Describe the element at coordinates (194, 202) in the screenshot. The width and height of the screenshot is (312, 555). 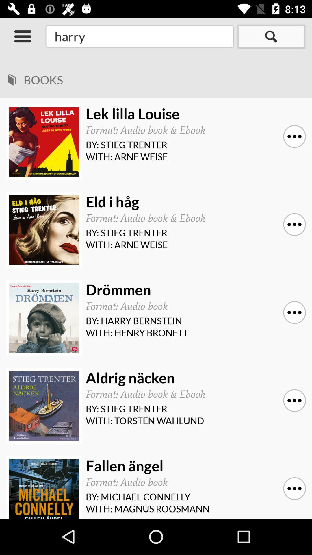
I see `the item above format audio book item` at that location.